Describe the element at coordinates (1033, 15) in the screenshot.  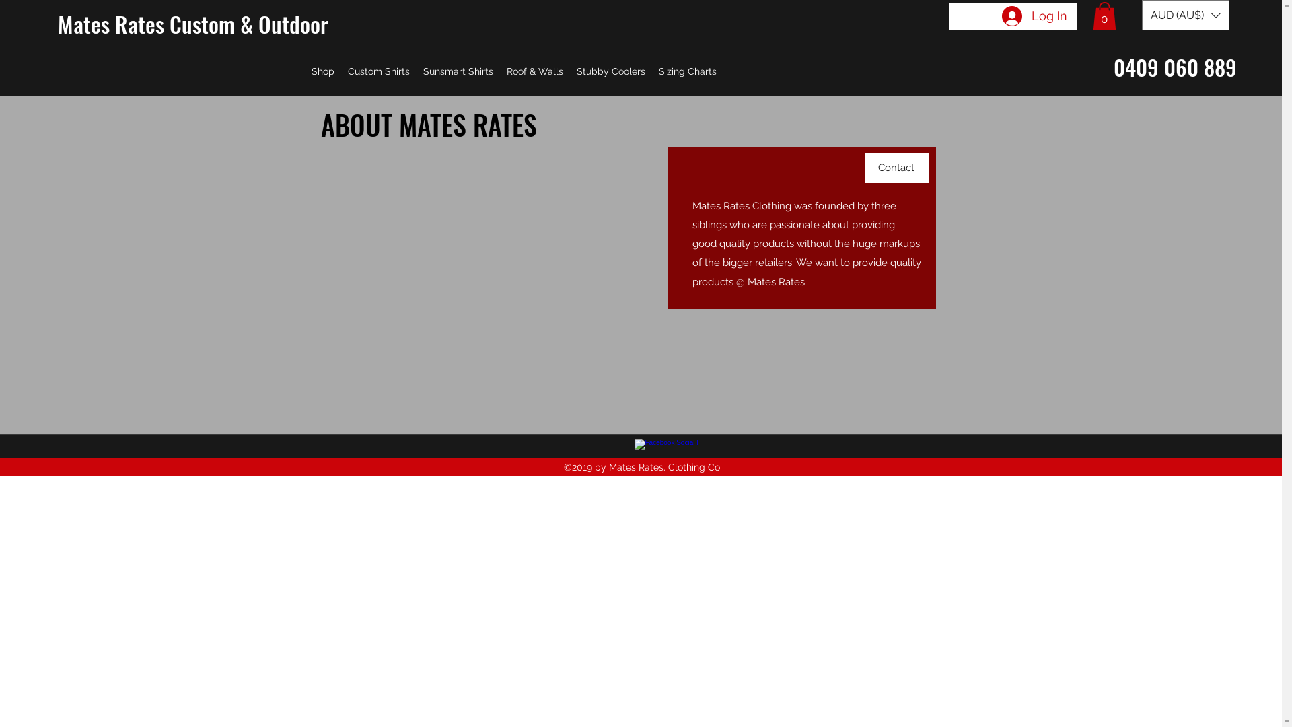
I see `'Log In'` at that location.